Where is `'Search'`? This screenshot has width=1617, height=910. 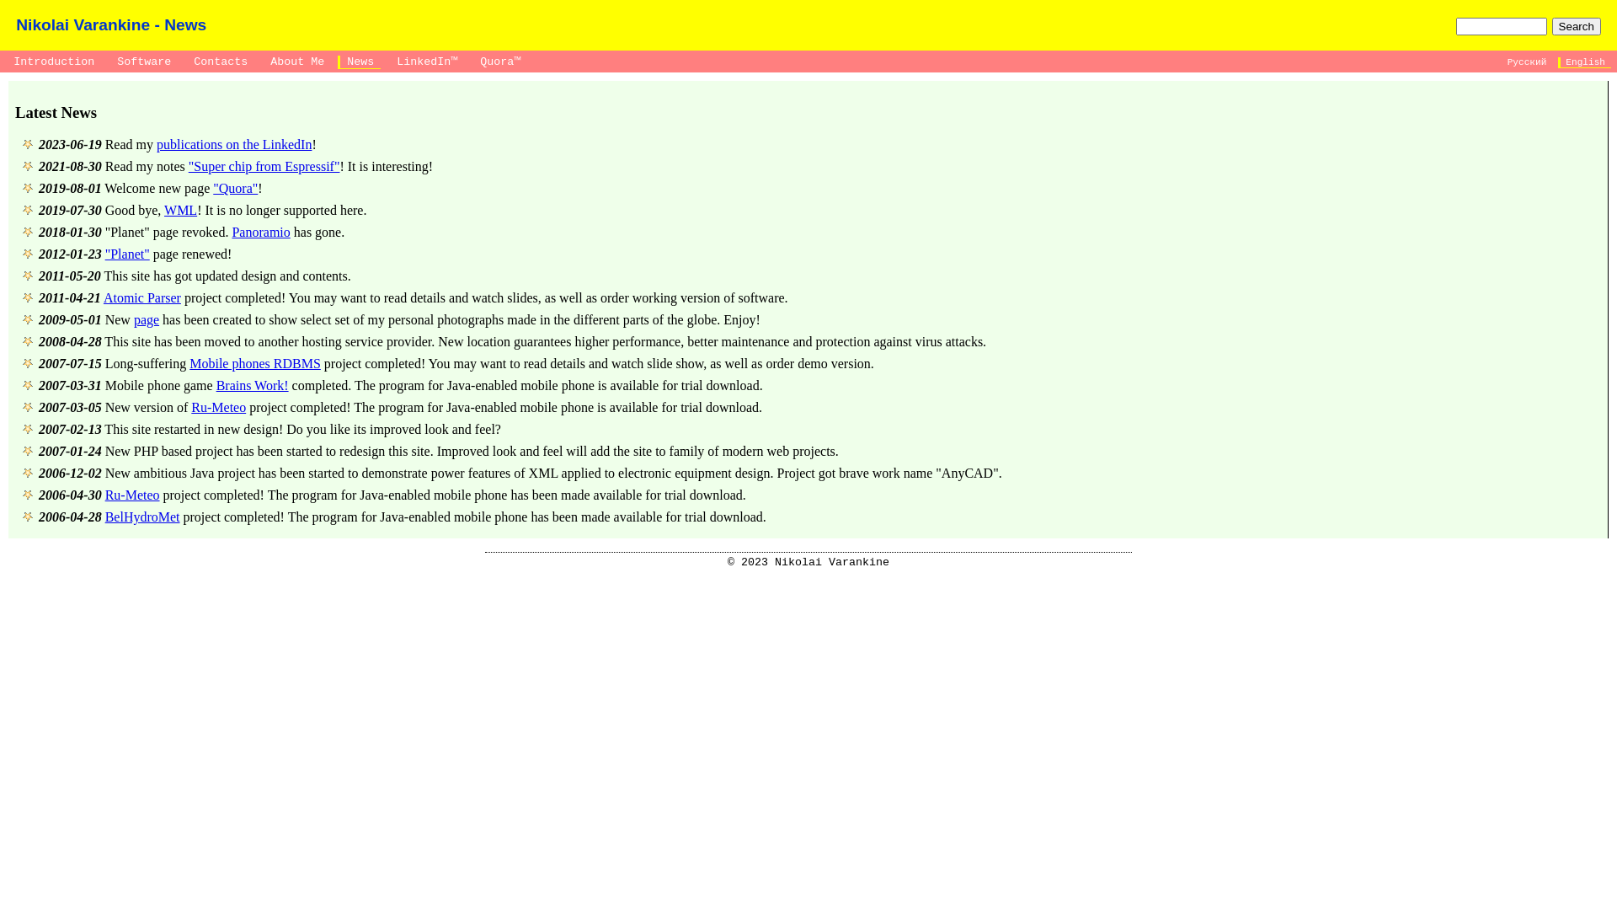
'Search' is located at coordinates (1576, 26).